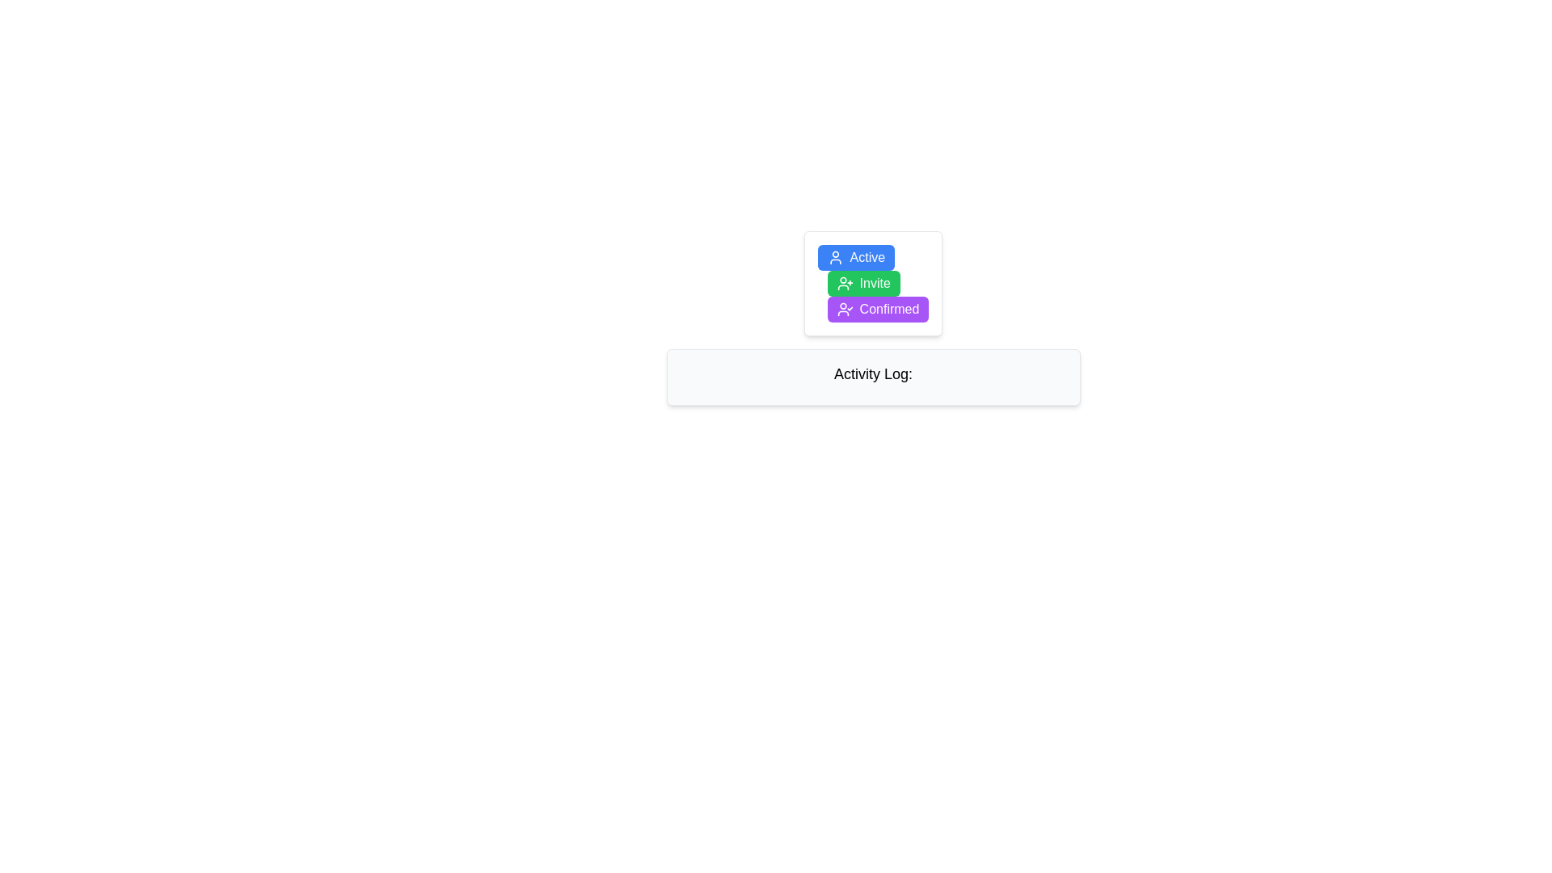 This screenshot has width=1552, height=873. I want to click on the confirmed status button located in the vertical stack of buttons, positioned between the 'Invite' button and an empty space, for accessibility navigation, so click(877, 309).